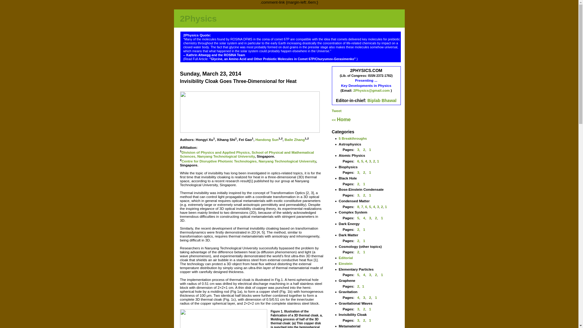 The height and width of the screenshot is (328, 583). I want to click on '1', so click(363, 286).